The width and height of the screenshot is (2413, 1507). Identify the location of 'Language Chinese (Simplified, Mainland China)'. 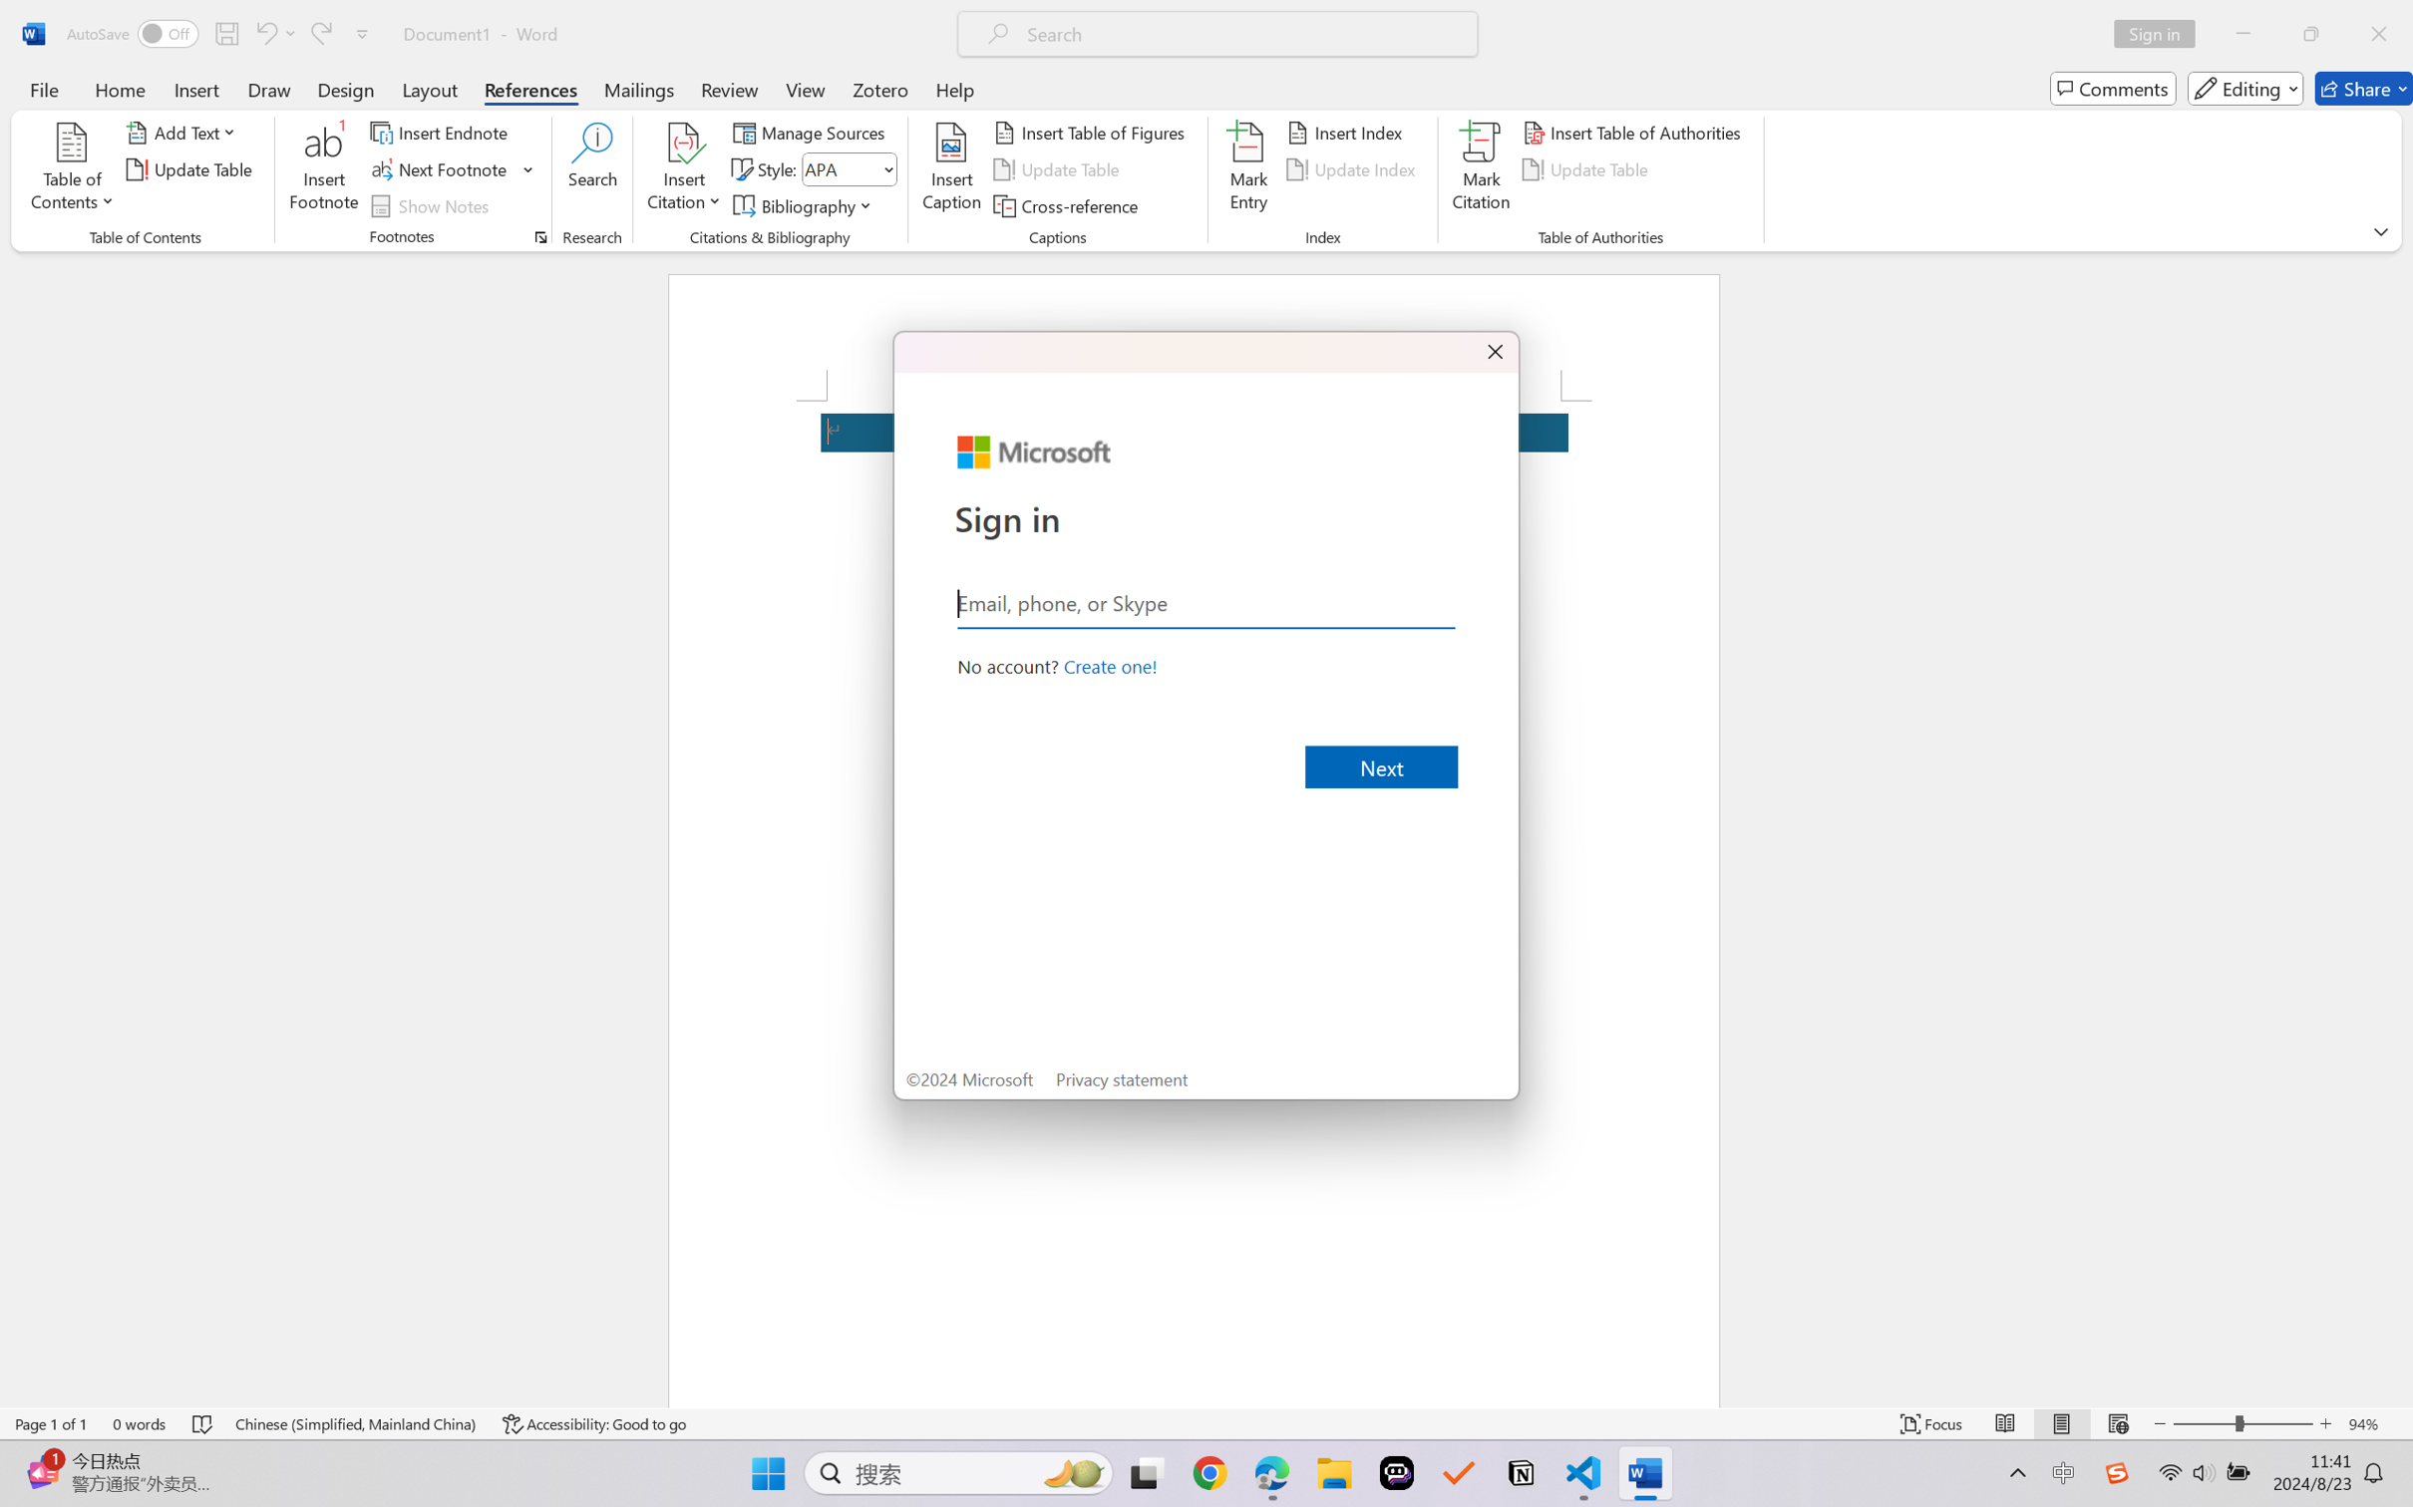
(355, 1423).